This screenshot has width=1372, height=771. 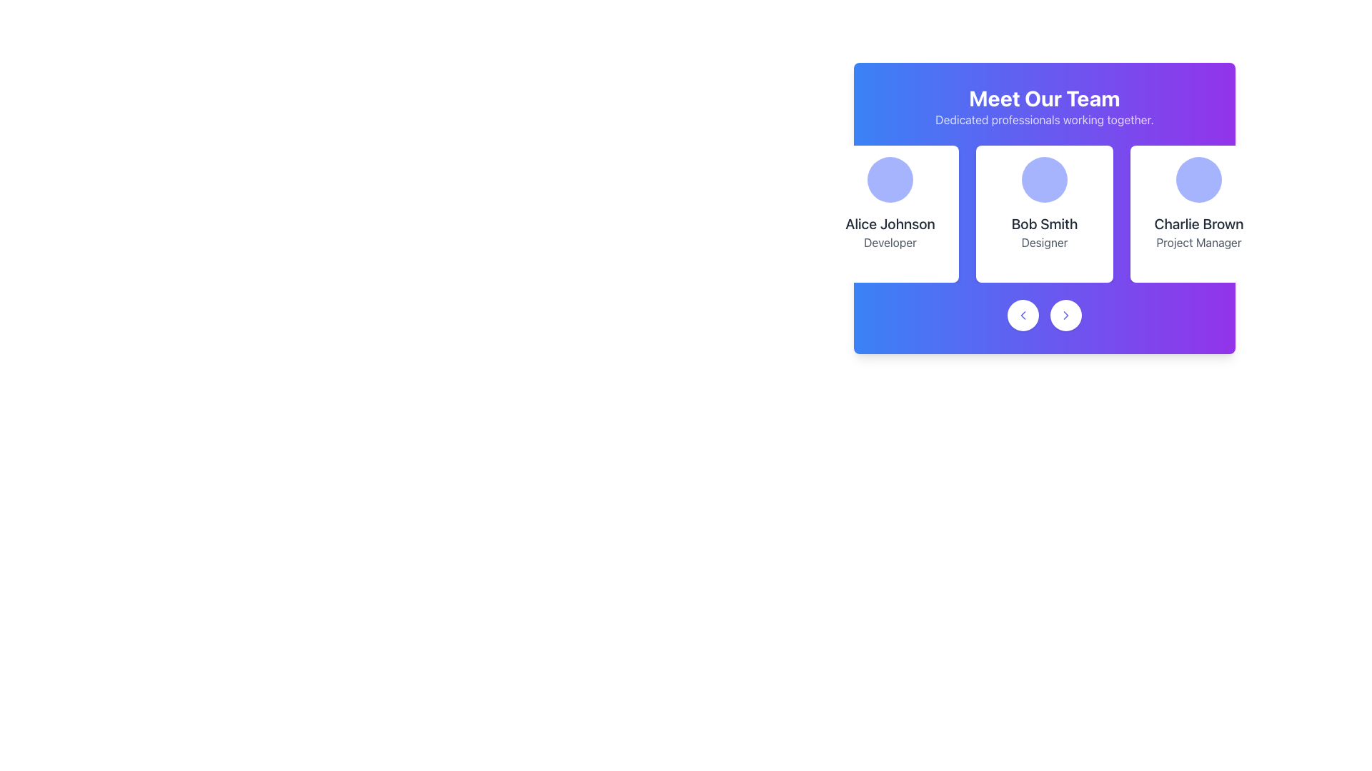 I want to click on the Text Label displaying 'Dedicated professionals working together.' which is centrally aligned below the 'Meet Our Team' heading, so click(x=1045, y=119).